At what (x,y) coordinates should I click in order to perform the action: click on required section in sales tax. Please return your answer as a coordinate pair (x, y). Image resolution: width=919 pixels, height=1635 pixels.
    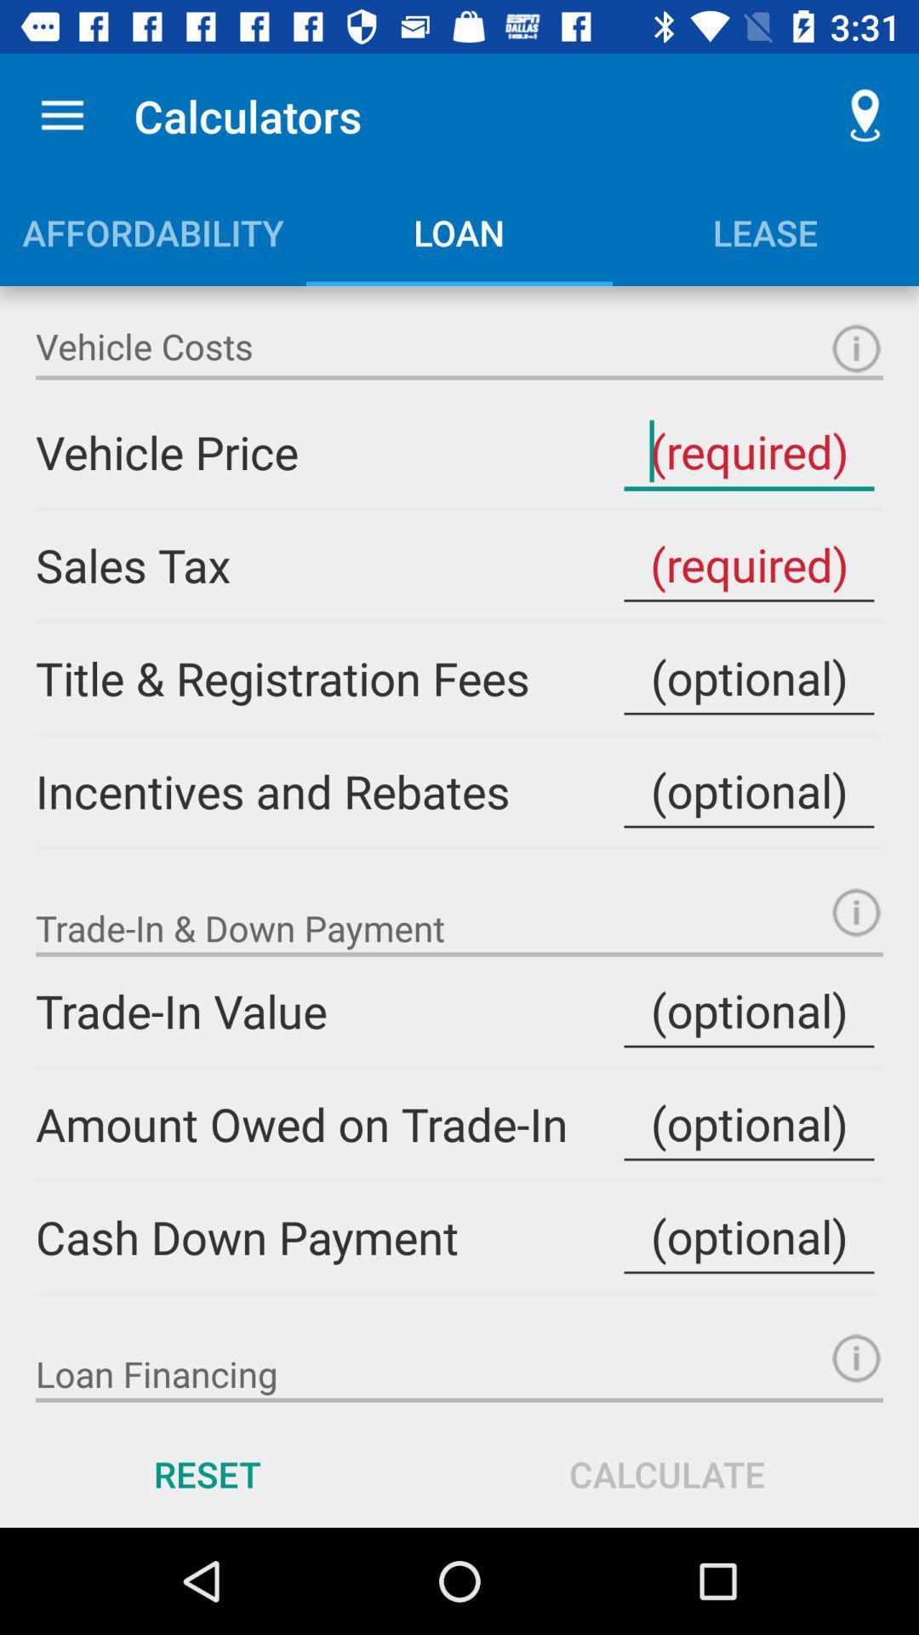
    Looking at the image, I should click on (748, 565).